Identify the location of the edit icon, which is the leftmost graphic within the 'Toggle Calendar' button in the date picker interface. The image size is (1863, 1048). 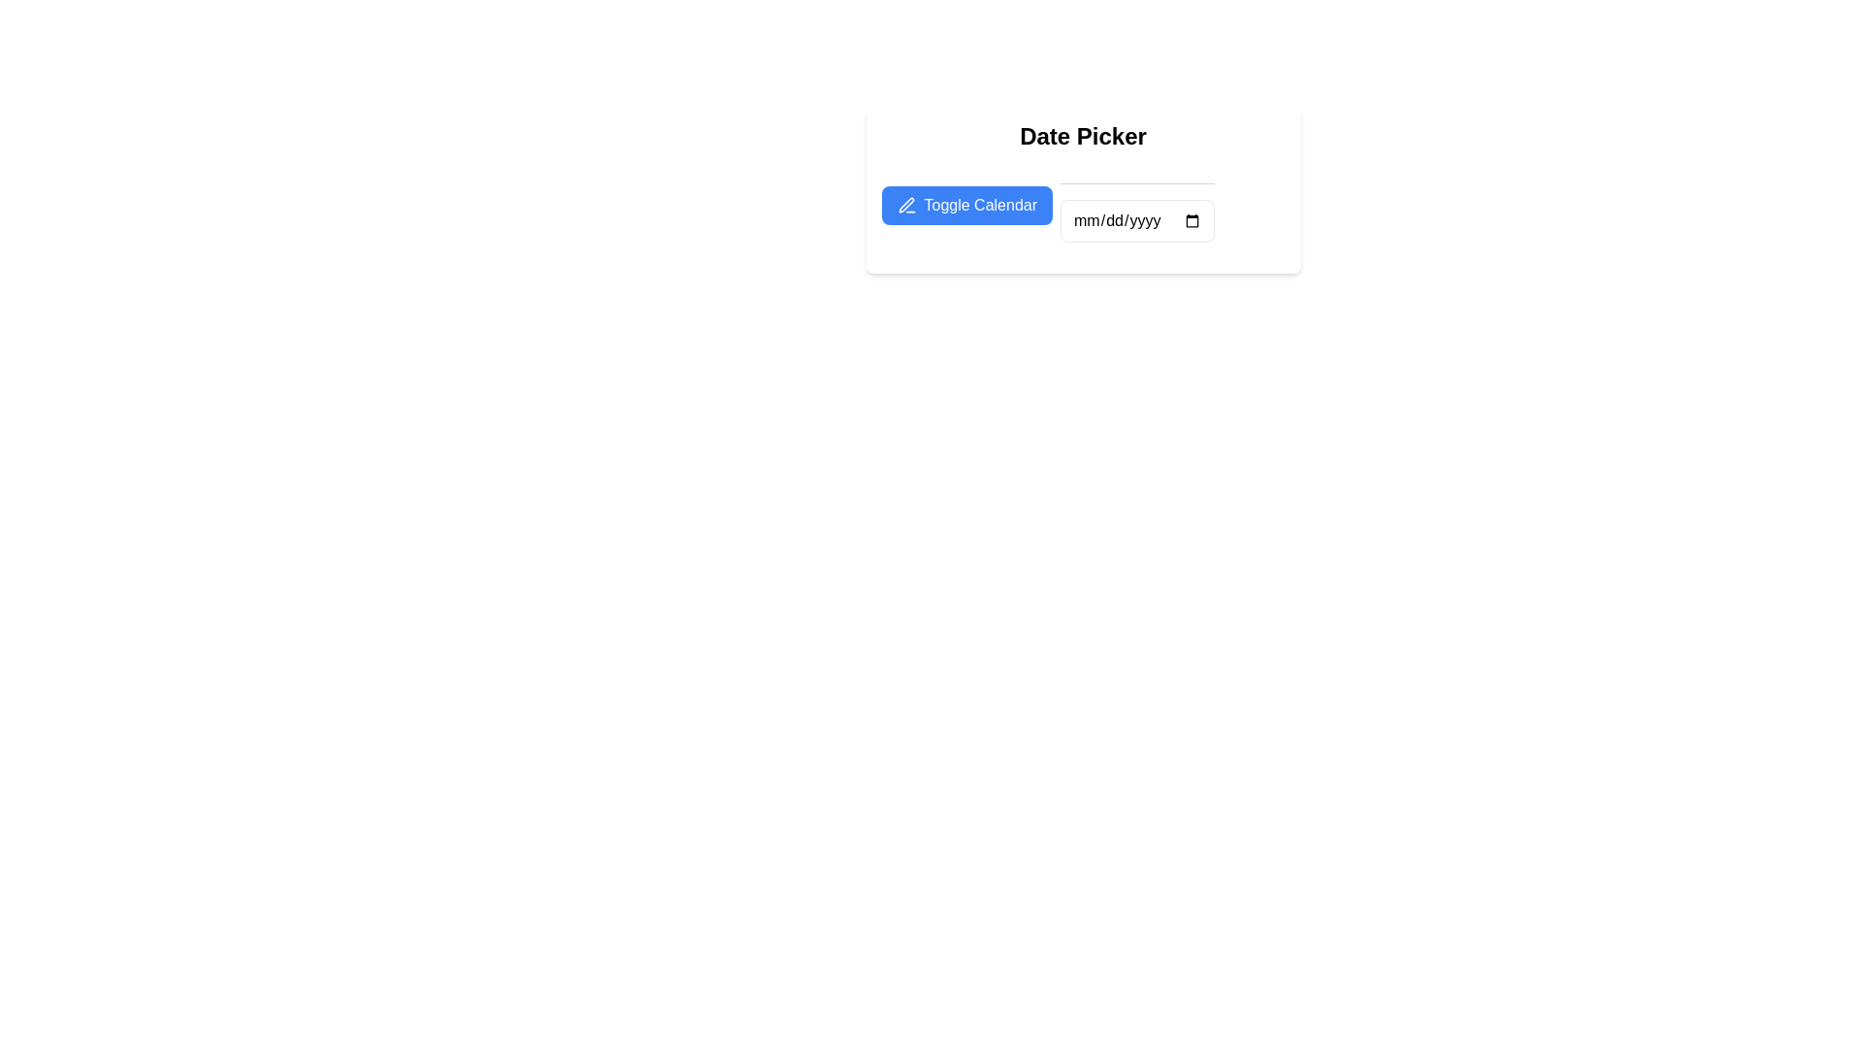
(905, 205).